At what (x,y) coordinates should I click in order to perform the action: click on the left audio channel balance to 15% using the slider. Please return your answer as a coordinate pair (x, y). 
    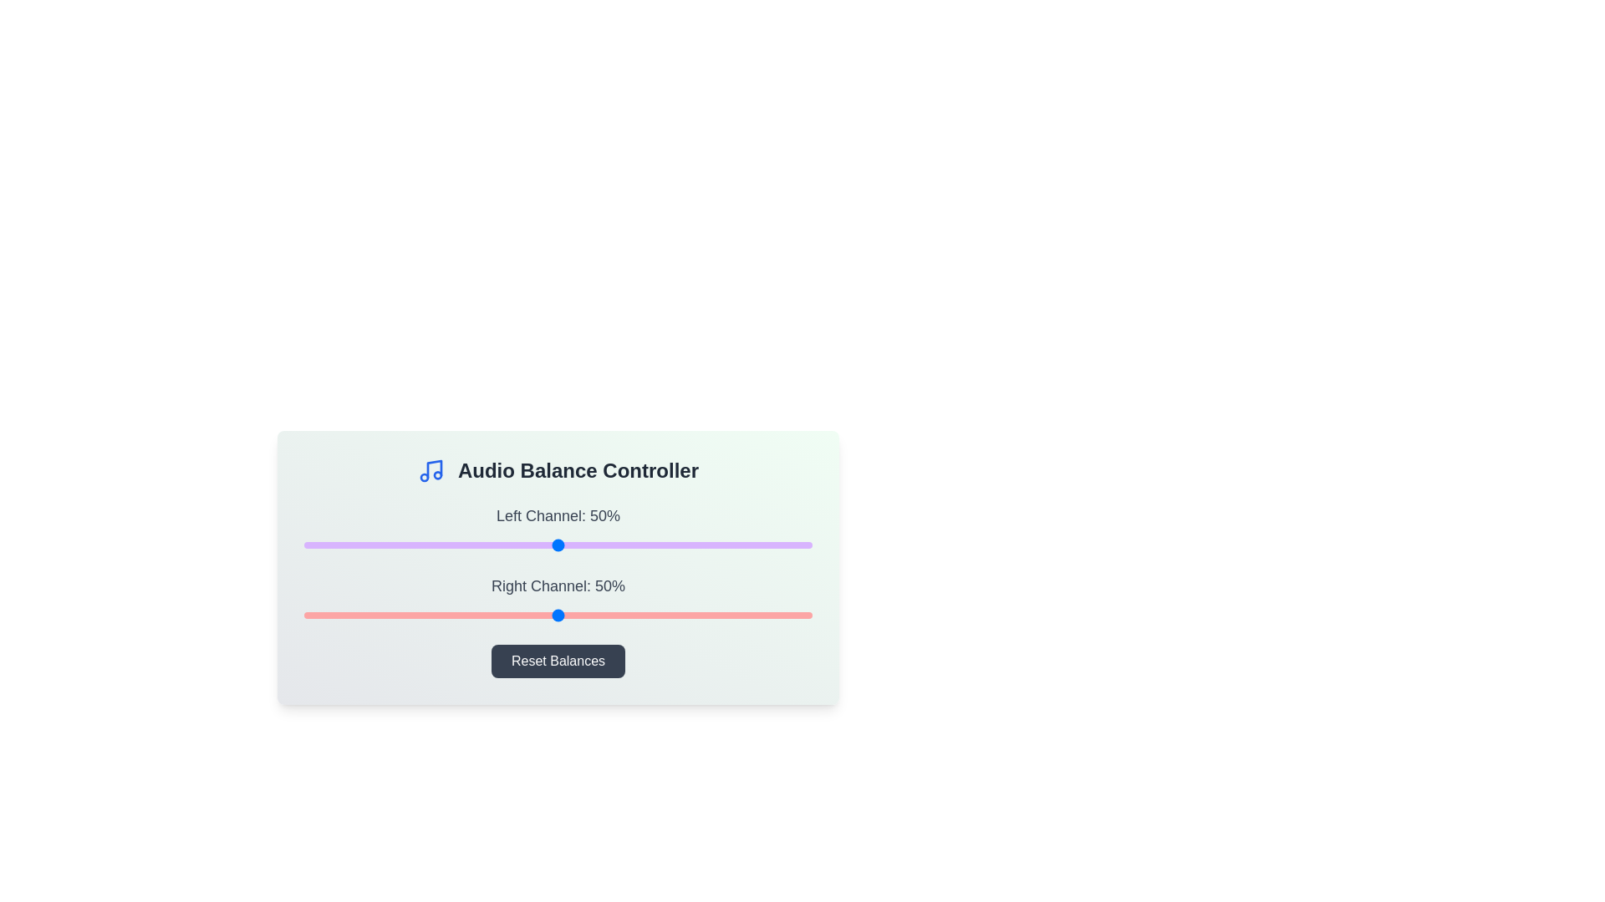
    Looking at the image, I should click on (380, 545).